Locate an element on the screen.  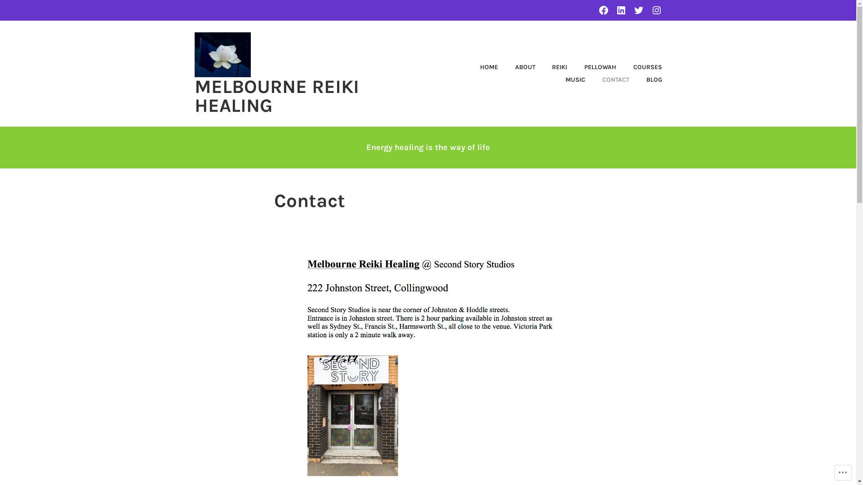
'REIKI' is located at coordinates (552, 67).